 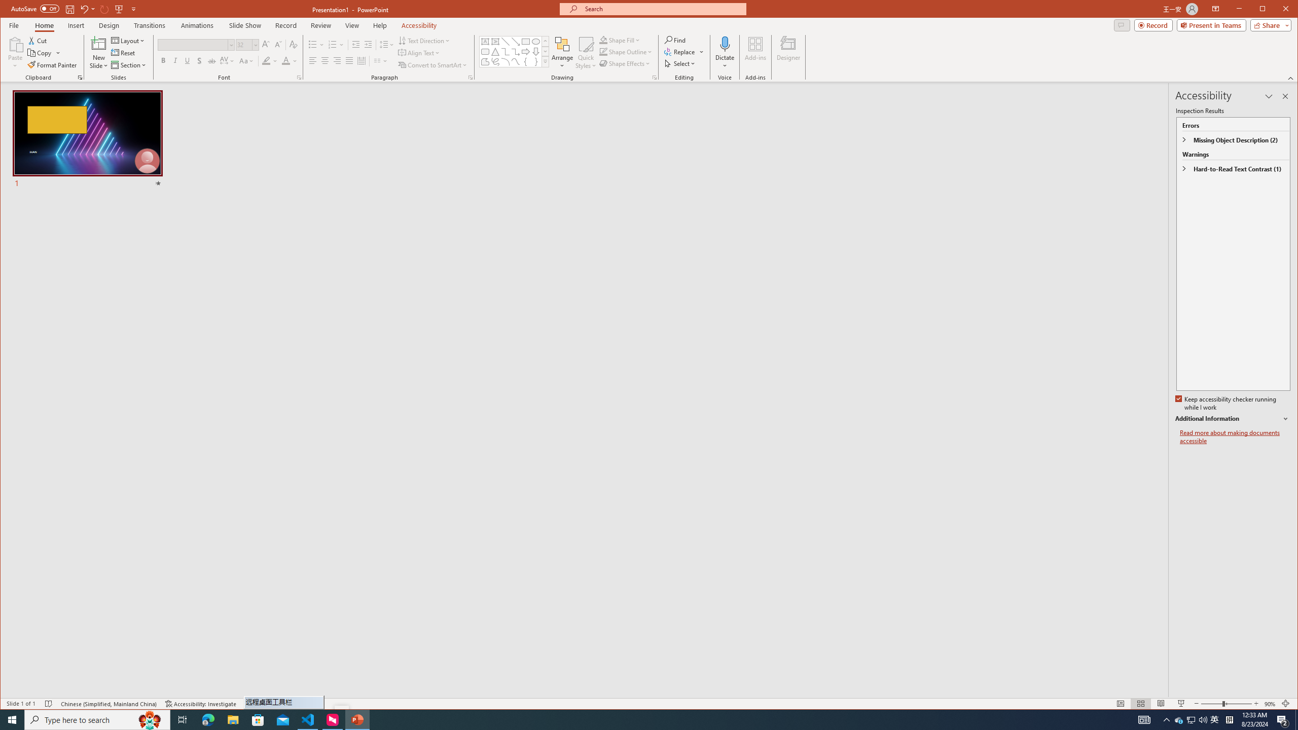 What do you see at coordinates (200, 60) in the screenshot?
I see `'Shadow'` at bounding box center [200, 60].